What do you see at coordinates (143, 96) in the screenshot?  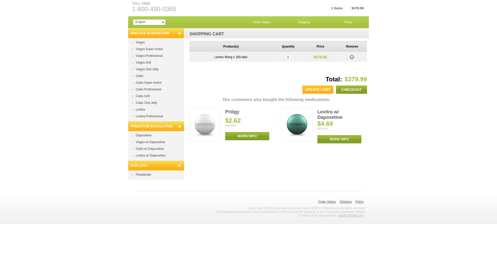 I see `'Cialis Soft'` at bounding box center [143, 96].